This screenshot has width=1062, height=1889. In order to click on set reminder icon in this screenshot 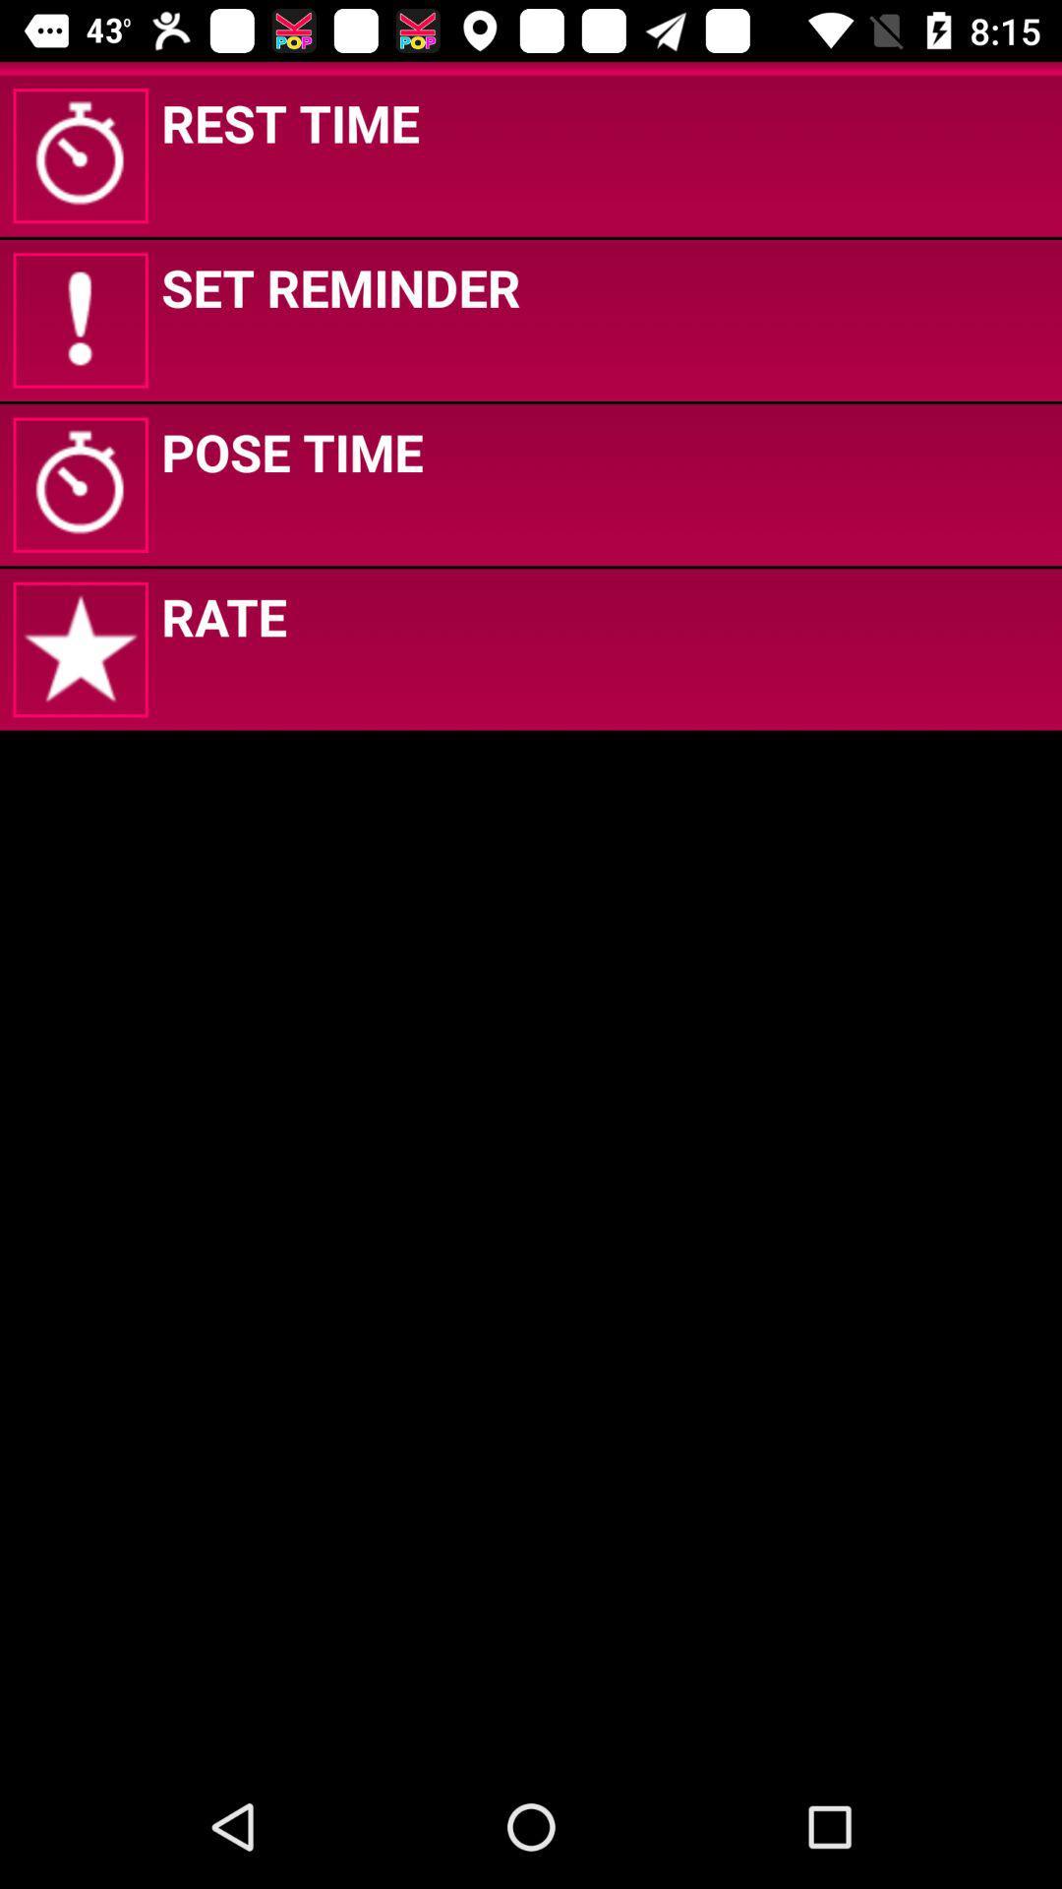, I will do `click(339, 286)`.